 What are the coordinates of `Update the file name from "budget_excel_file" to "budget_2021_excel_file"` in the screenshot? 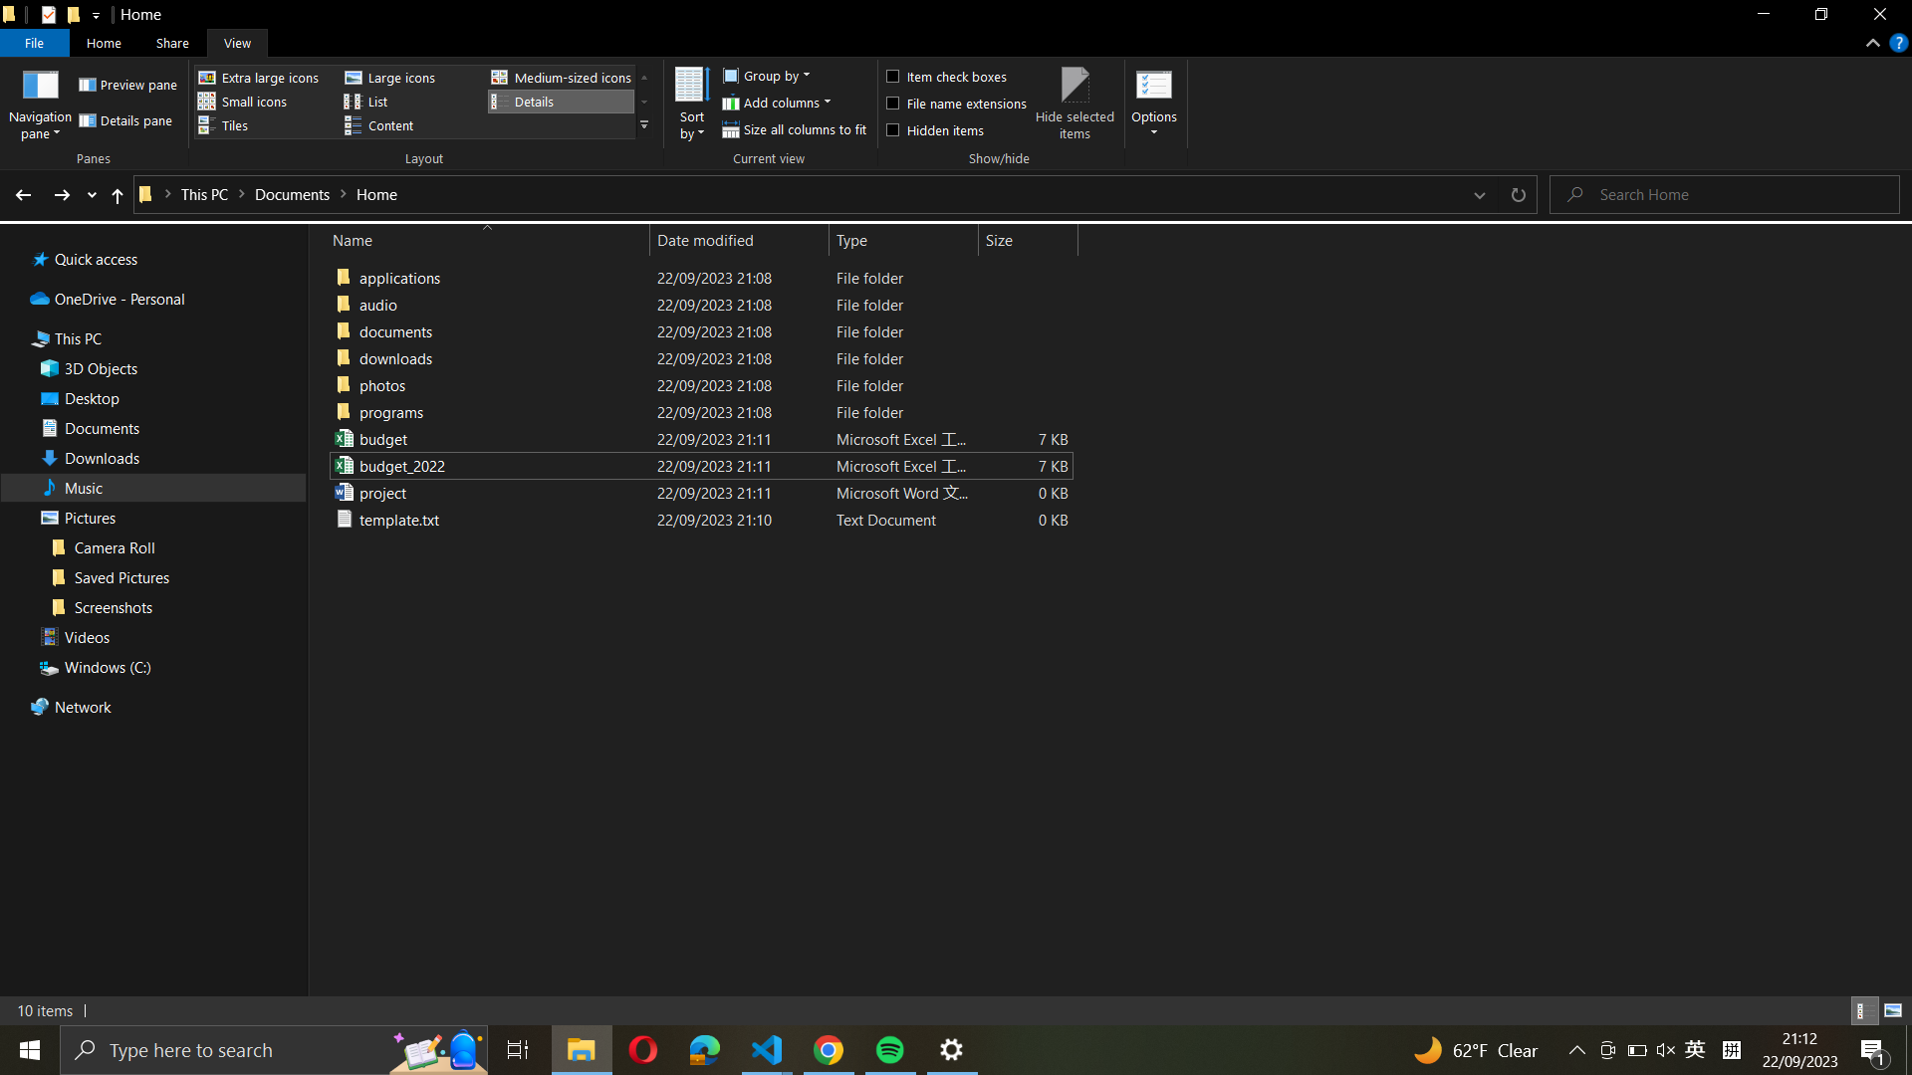 It's located at (697, 437).